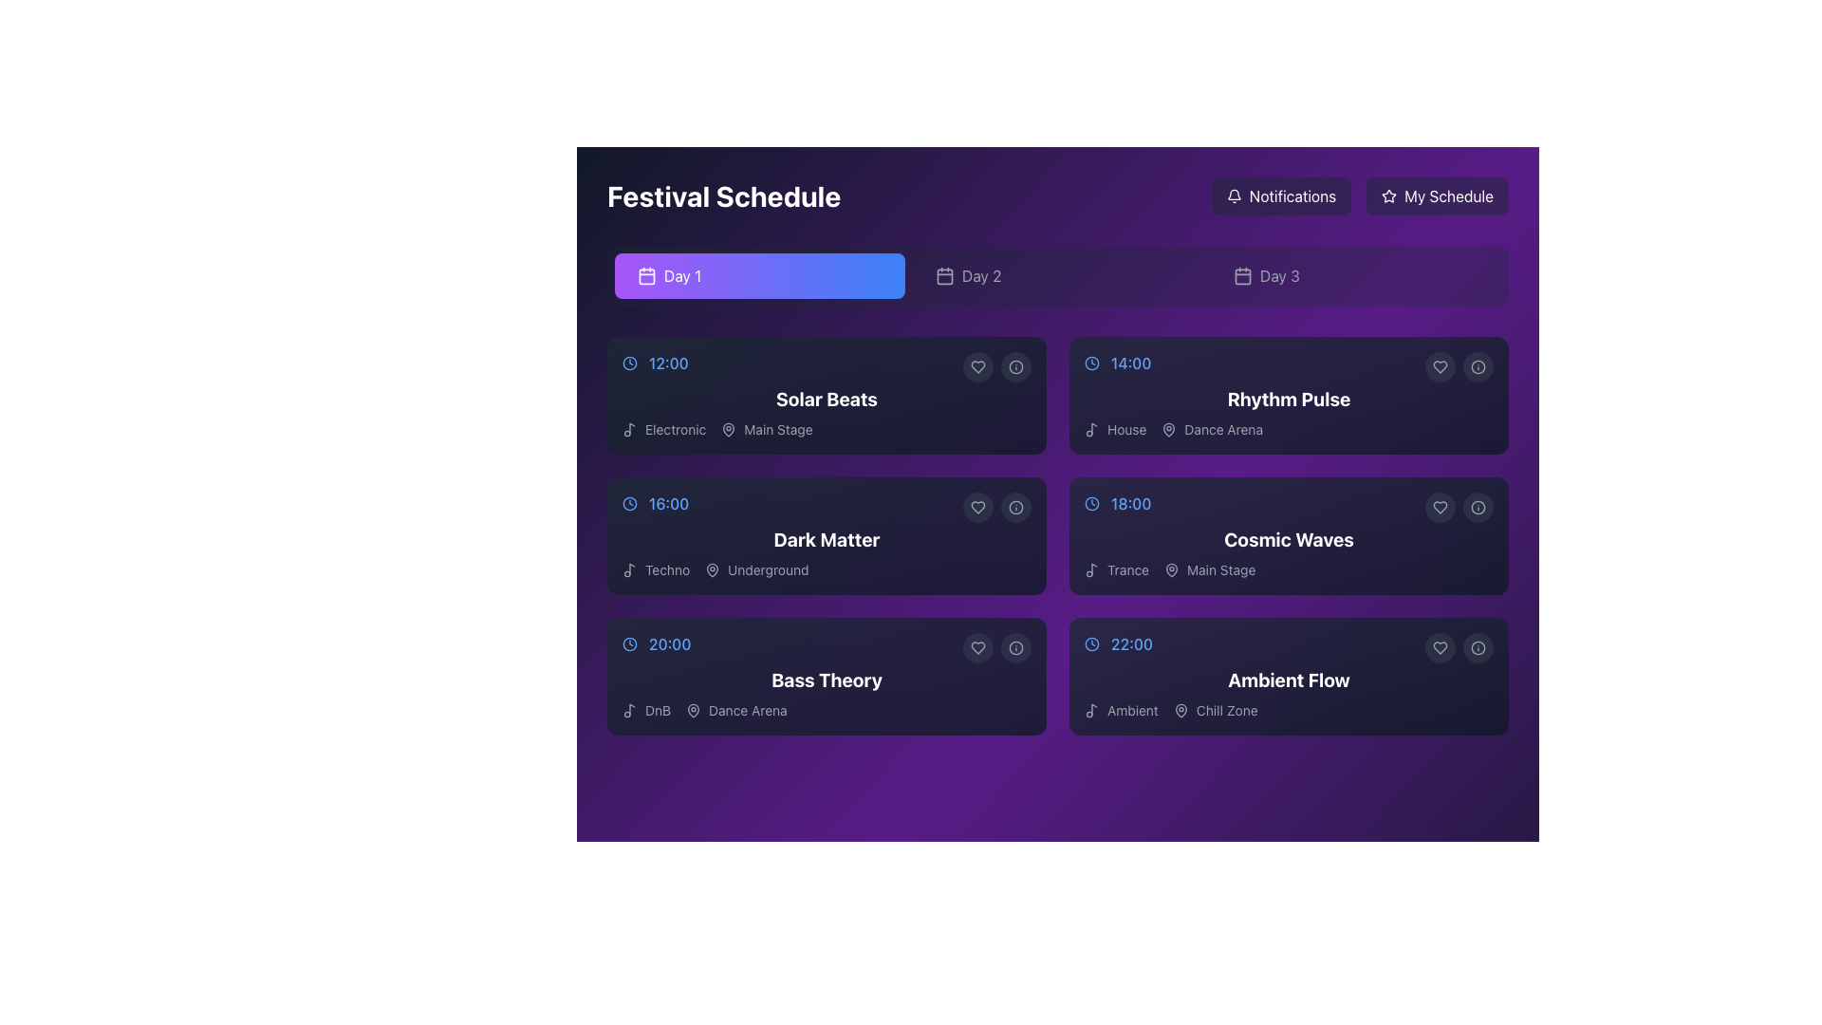 This screenshot has height=1025, width=1822. I want to click on the text indicating the scheduled time for the event 'Bass Theory', which is located in the lower left segment of the schedule grid, near a clock icon, so click(670, 643).